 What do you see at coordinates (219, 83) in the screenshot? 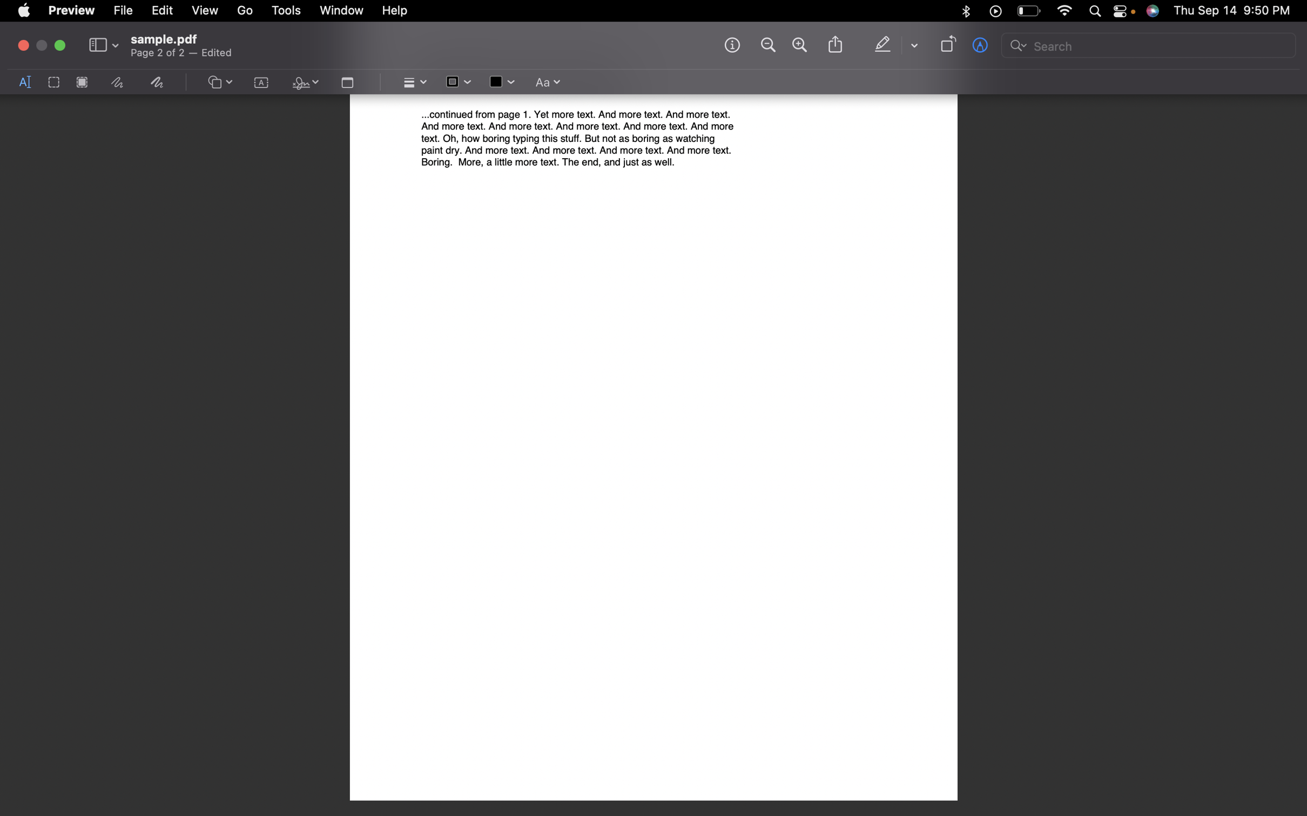
I see `option to draw shape on the screen` at bounding box center [219, 83].